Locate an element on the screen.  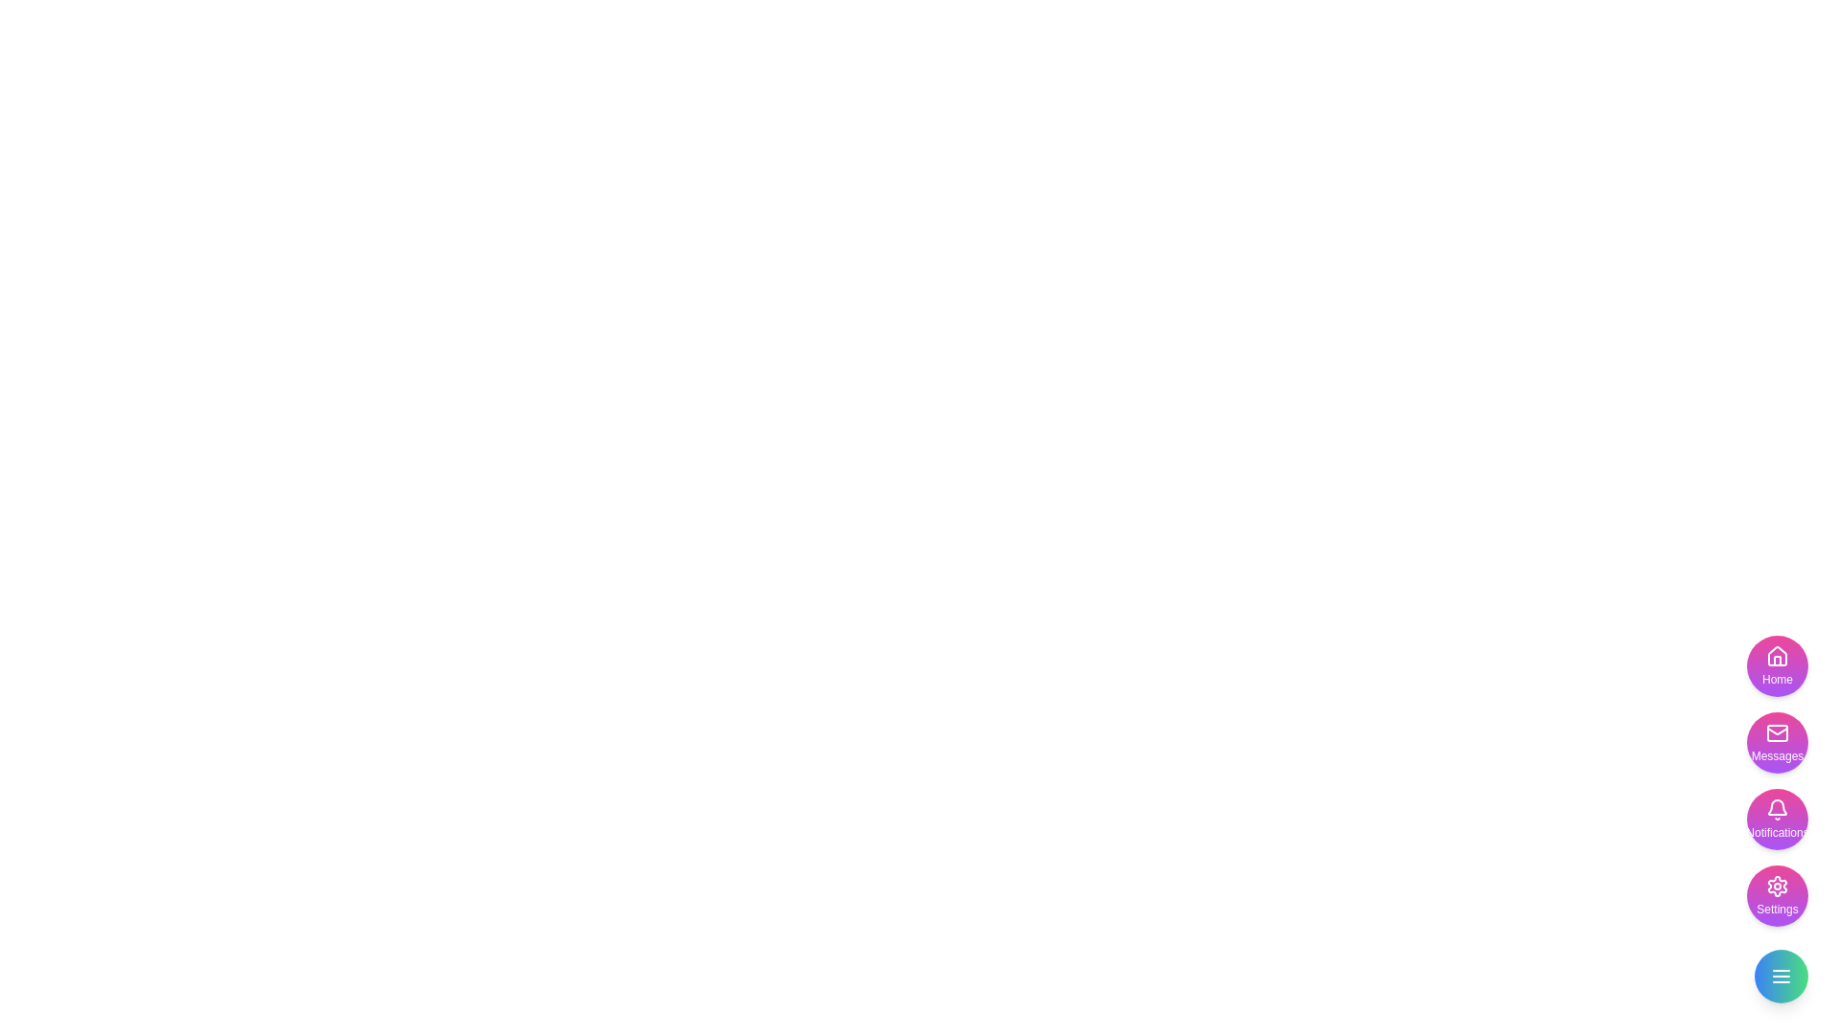
the circular 'Settings' button with a gradient background and a cogwheel icon at its center, located at the bottom-right corner of the interface is located at coordinates (1777, 896).